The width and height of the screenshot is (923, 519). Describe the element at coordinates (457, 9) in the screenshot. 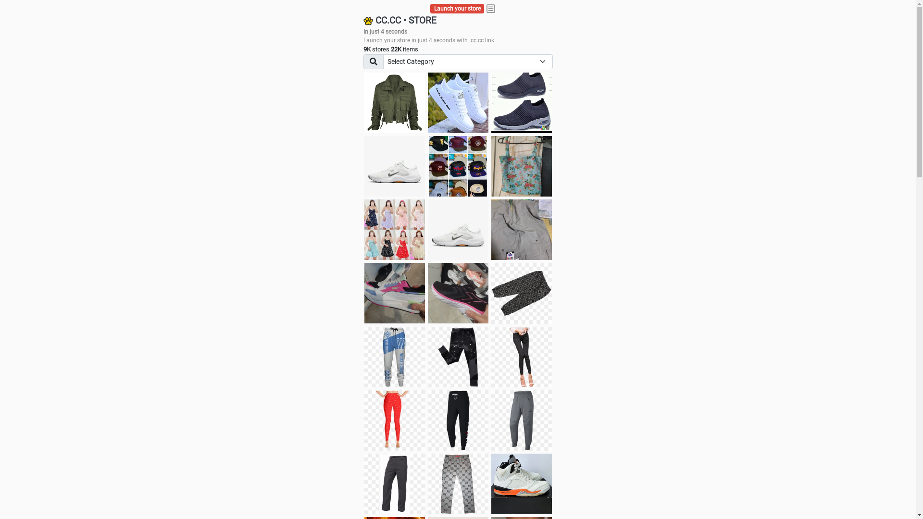

I see `'Launch your store'` at that location.